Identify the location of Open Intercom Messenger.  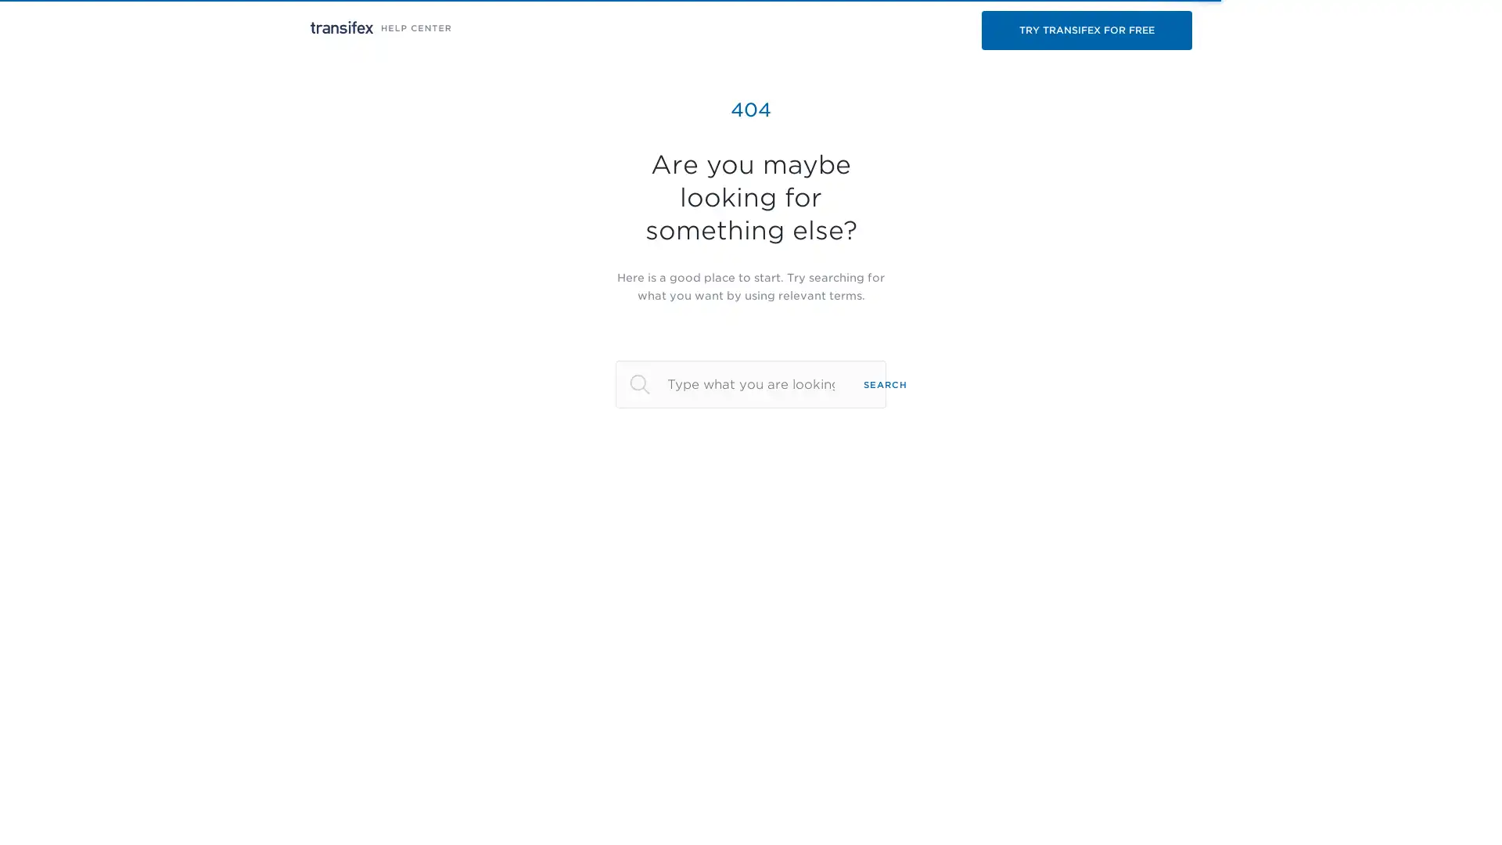
(1462, 805).